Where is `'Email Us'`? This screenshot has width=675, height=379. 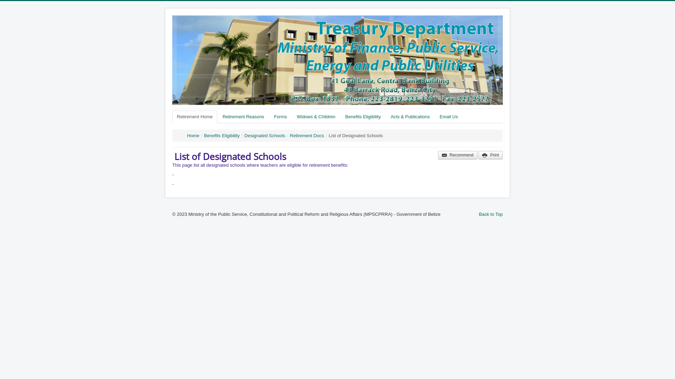
'Email Us' is located at coordinates (448, 116).